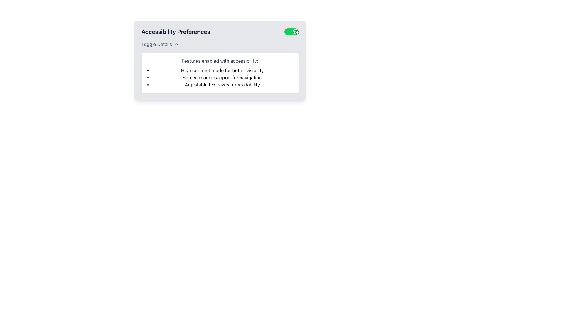  I want to click on the eye-shaped icon with a vibrant green color and a white background, located to the right of the green toggle switch, so click(296, 32).